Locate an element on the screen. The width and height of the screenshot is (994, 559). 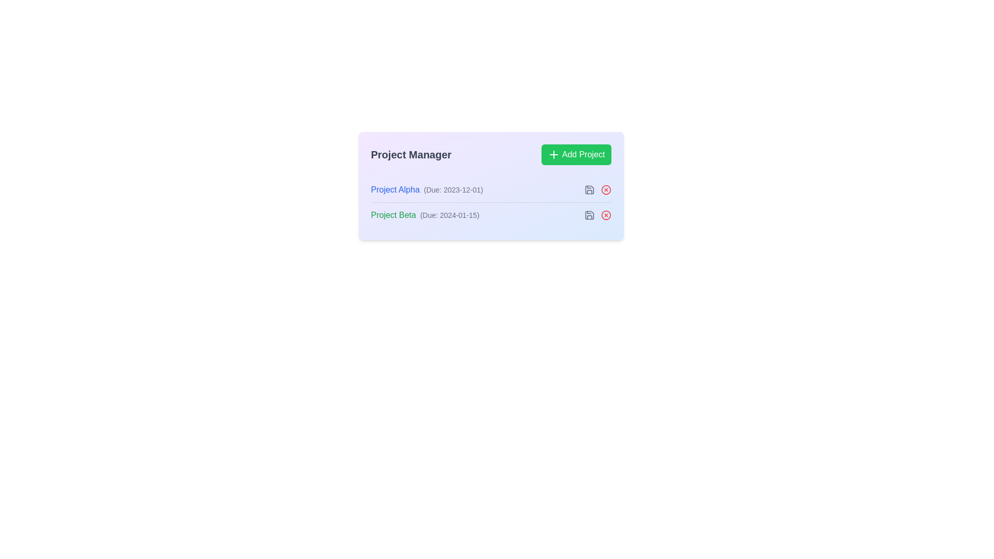
the 'Add Project' button located in the top-right corner of the 'Project Manager' section is located at coordinates (576, 155).